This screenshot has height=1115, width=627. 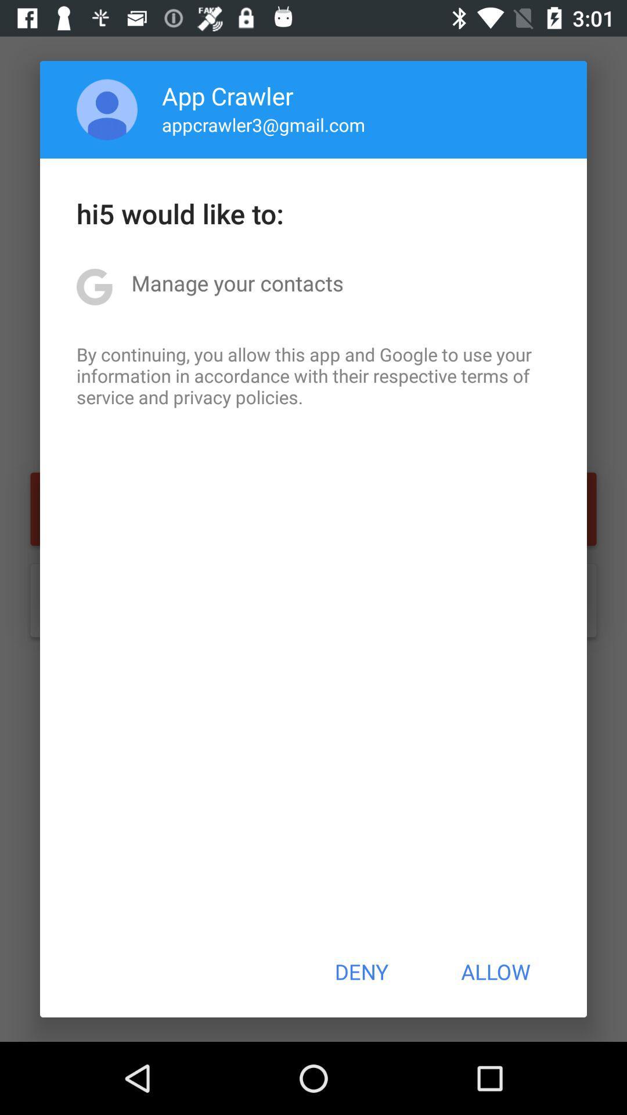 I want to click on the deny item, so click(x=361, y=972).